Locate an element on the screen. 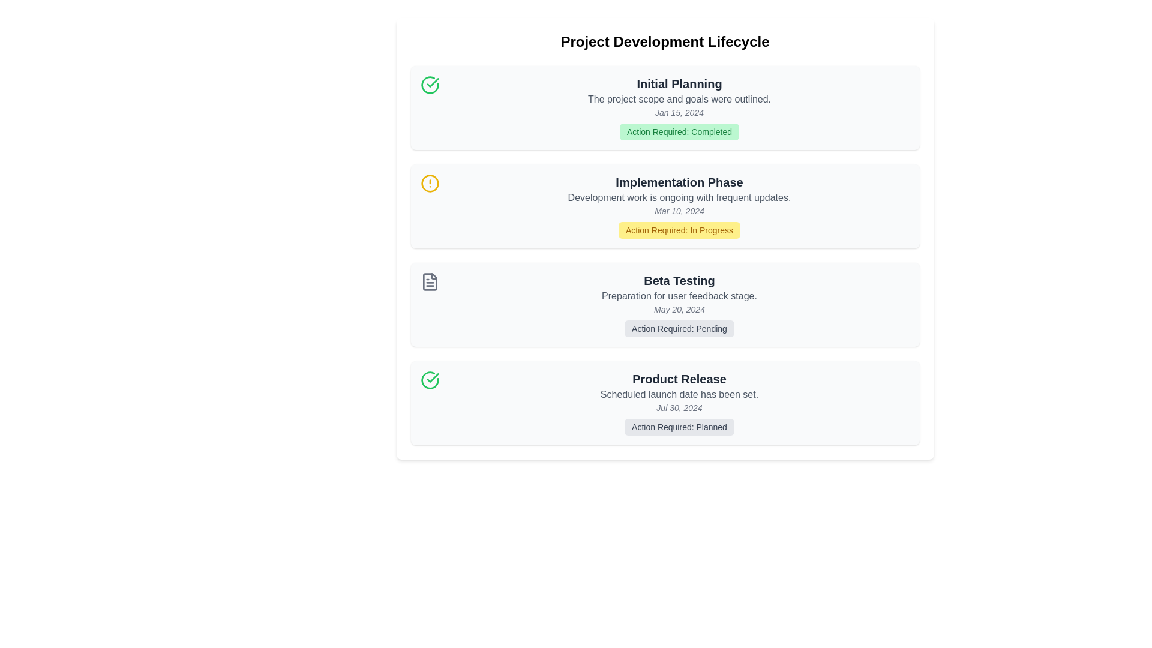 This screenshot has height=648, width=1152. the check mark icon within the confirmation icon of the 'Initial Planning' step in the 'Project Development Lifecycle' interface is located at coordinates (432, 377).